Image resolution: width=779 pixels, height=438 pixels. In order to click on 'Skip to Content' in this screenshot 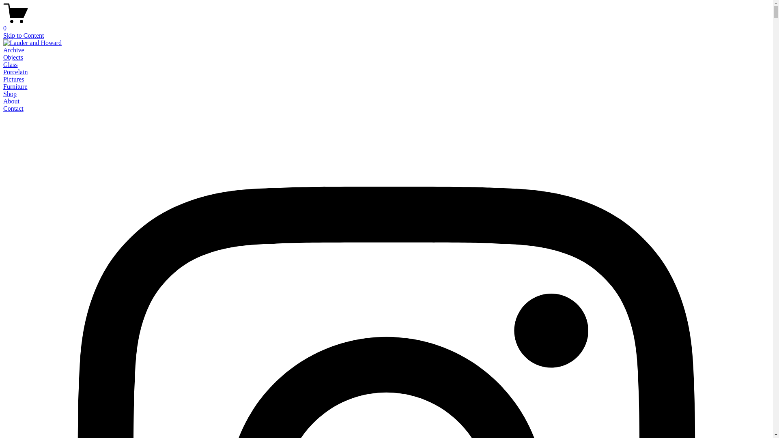, I will do `click(3, 35)`.